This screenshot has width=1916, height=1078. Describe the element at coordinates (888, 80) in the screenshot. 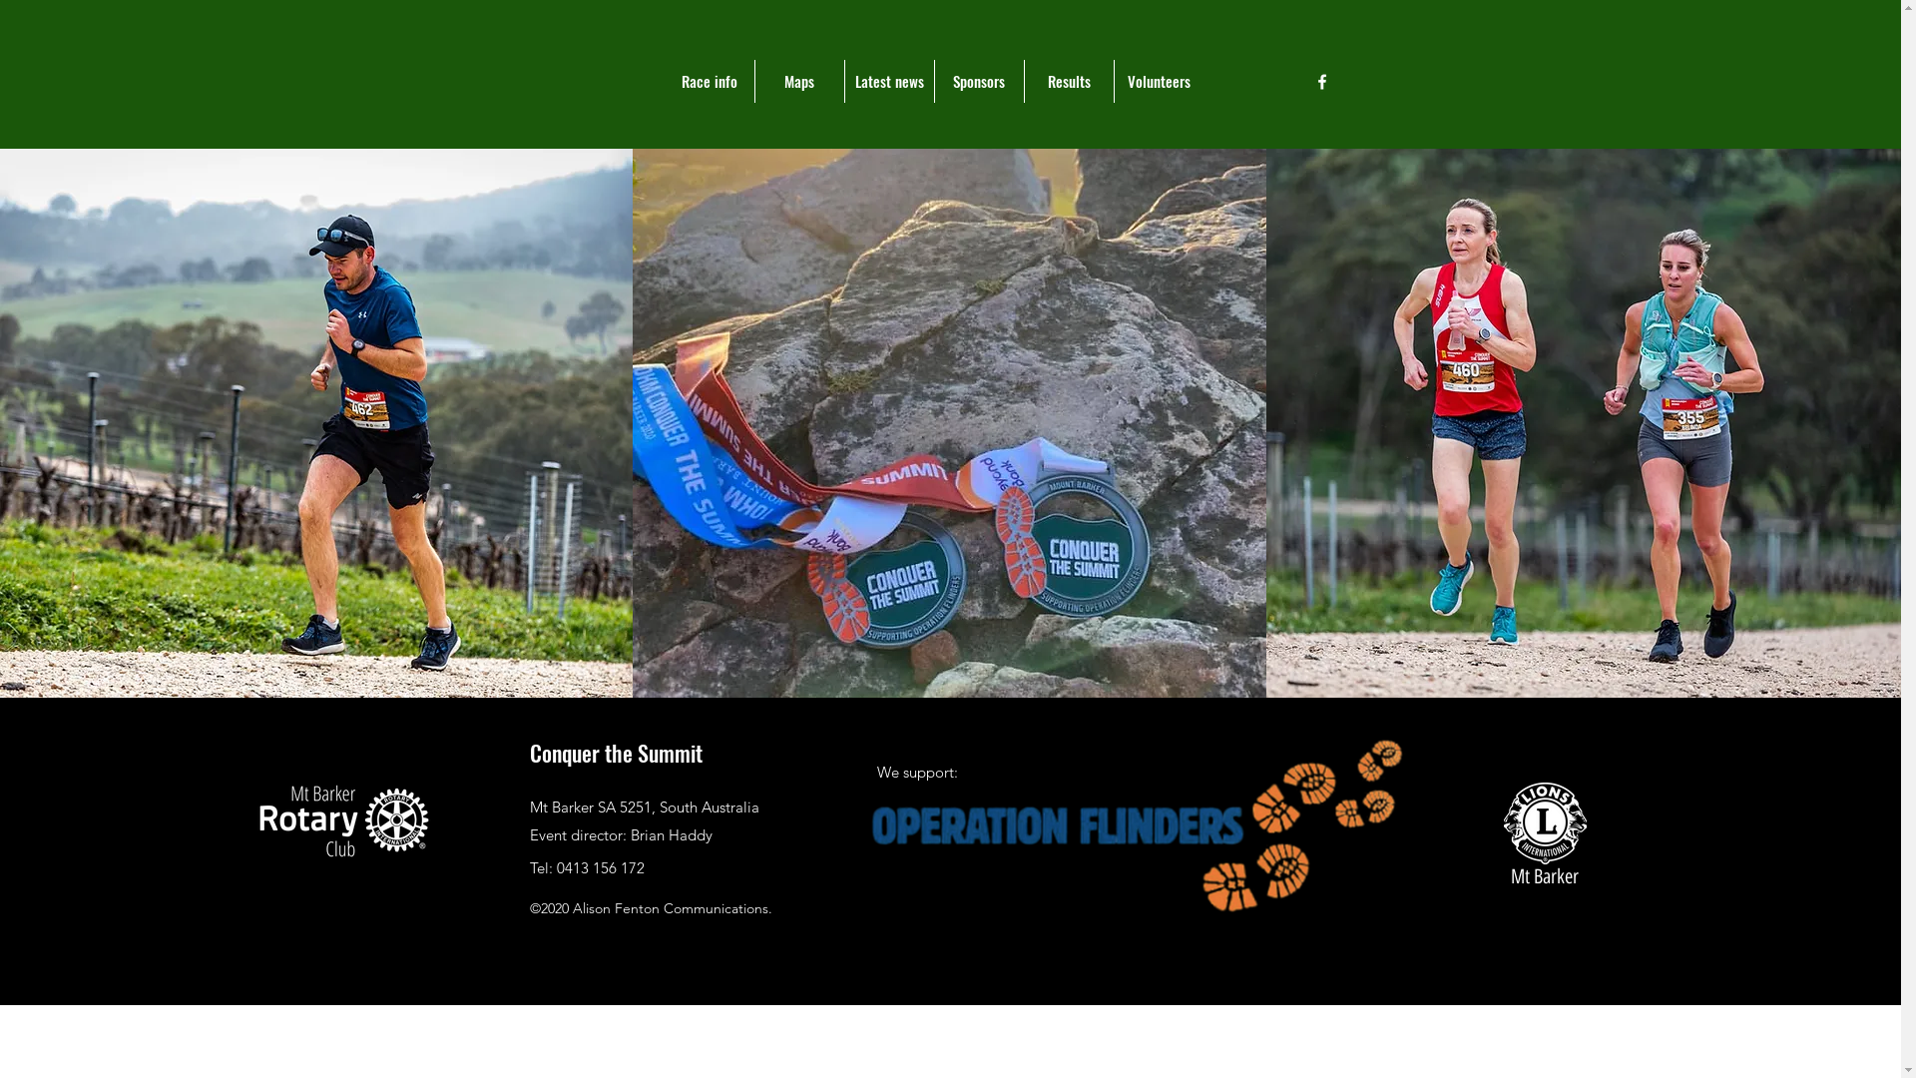

I see `'Latest news'` at that location.